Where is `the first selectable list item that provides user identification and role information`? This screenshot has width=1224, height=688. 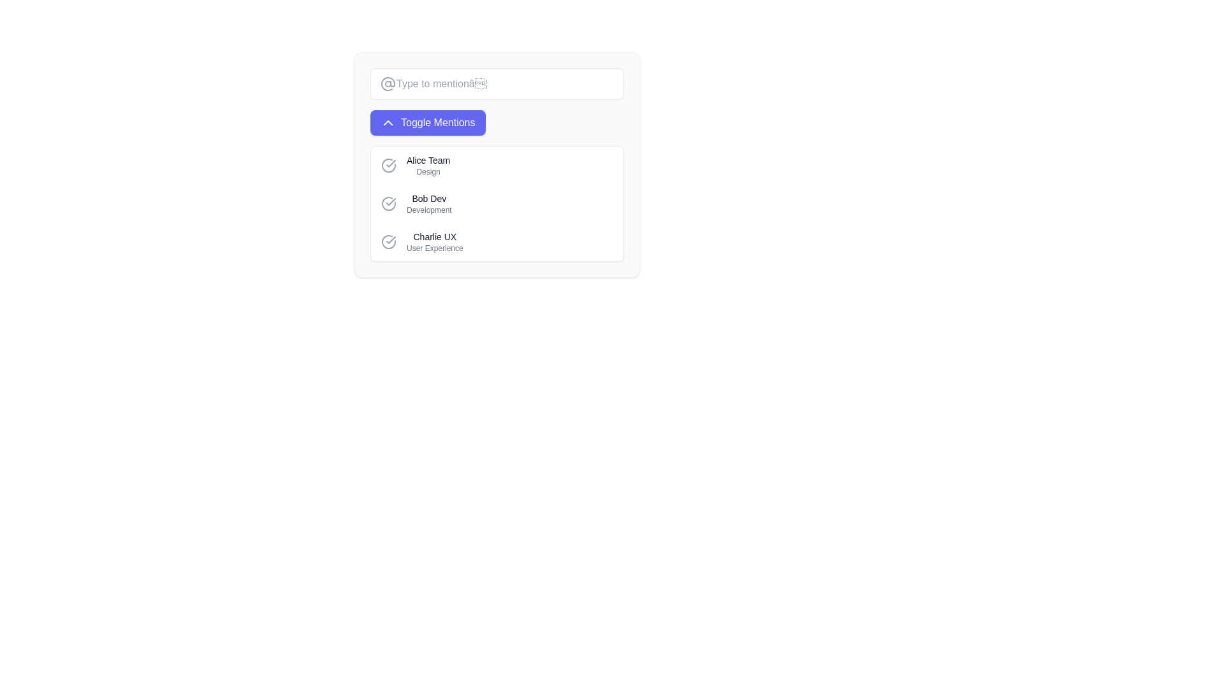 the first selectable list item that provides user identification and role information is located at coordinates (428, 164).